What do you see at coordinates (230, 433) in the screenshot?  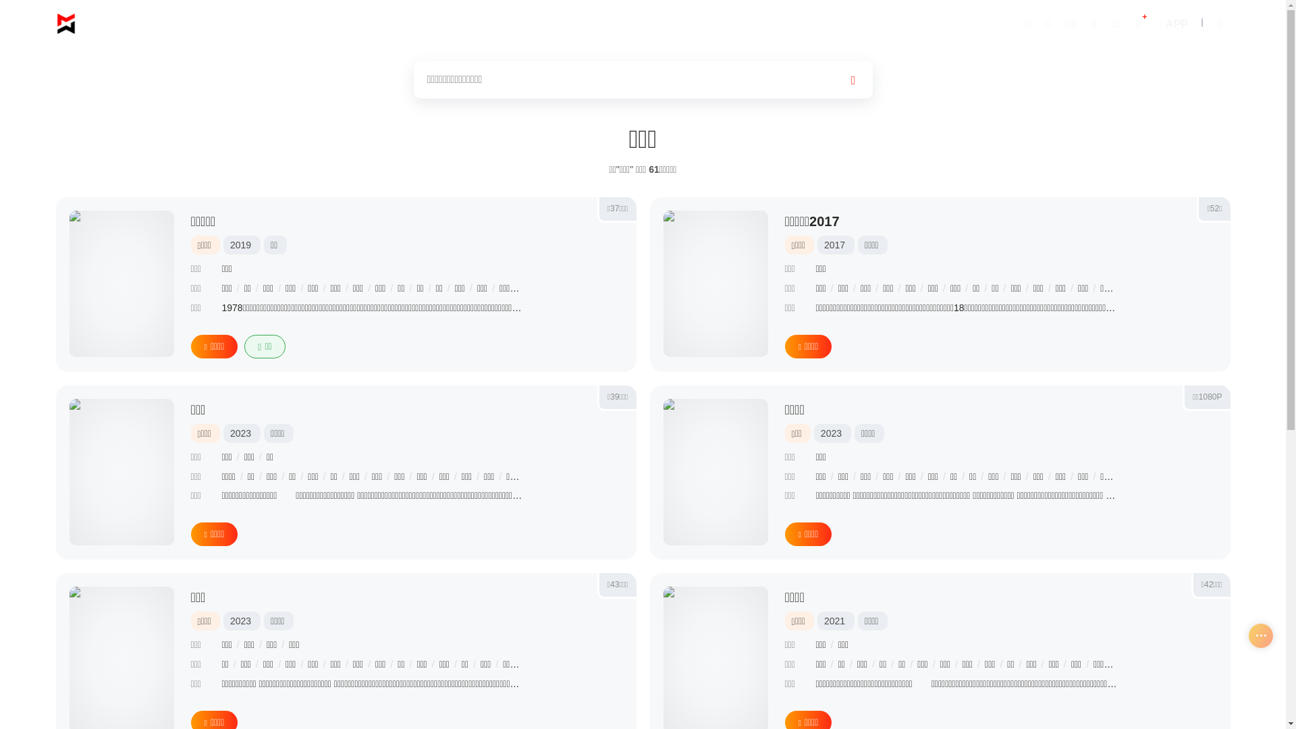 I see `'2023'` at bounding box center [230, 433].